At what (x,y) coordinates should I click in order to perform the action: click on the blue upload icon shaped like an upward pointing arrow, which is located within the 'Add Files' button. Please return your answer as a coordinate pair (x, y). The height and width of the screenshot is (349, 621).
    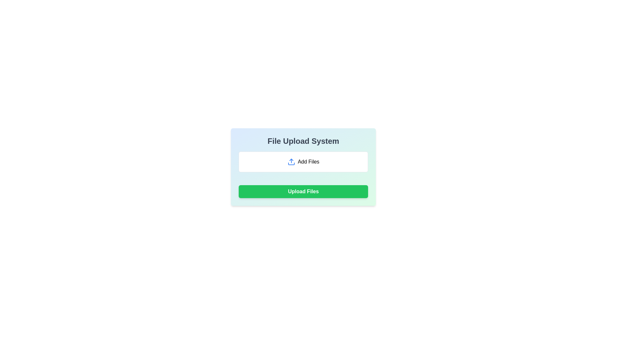
    Looking at the image, I should click on (291, 162).